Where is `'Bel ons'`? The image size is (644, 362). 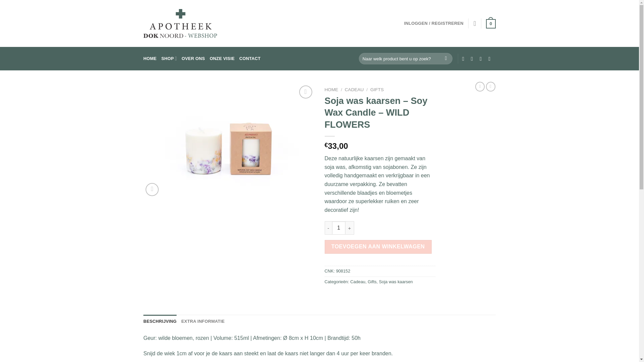
'Bel ons' is located at coordinates (488, 58).